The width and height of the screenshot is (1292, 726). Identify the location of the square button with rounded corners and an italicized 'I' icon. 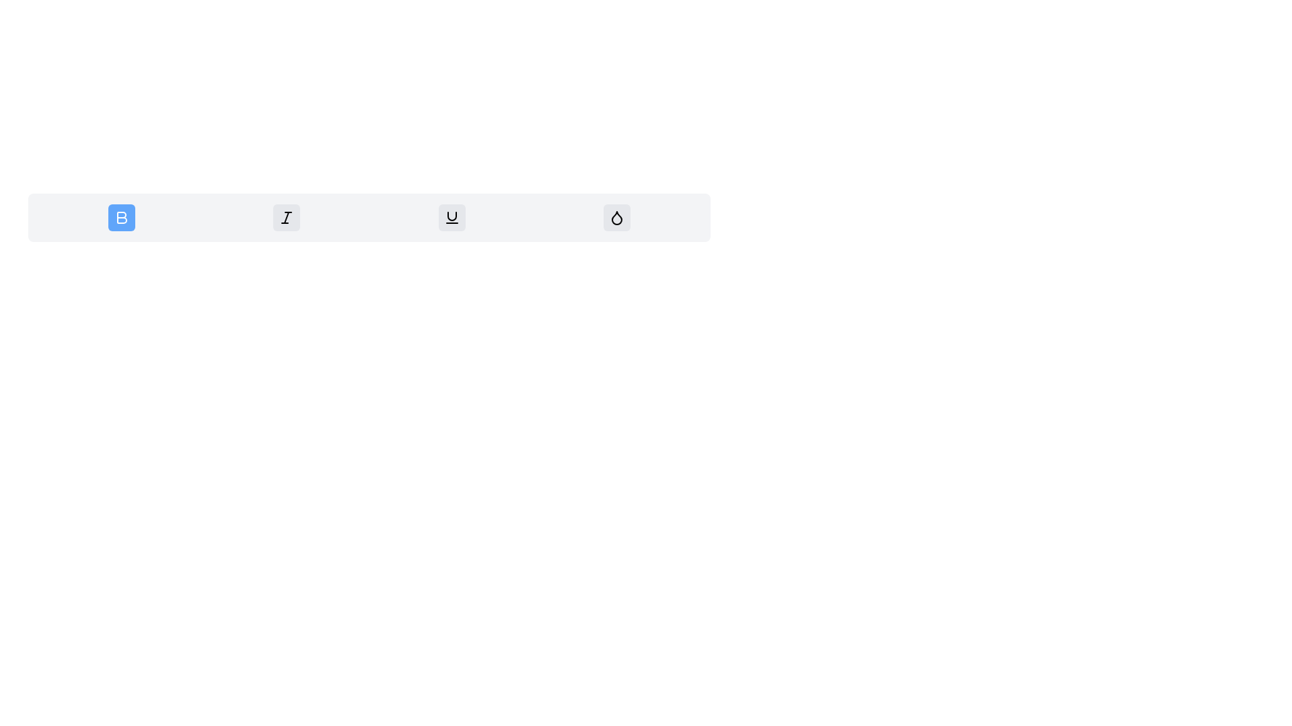
(286, 217).